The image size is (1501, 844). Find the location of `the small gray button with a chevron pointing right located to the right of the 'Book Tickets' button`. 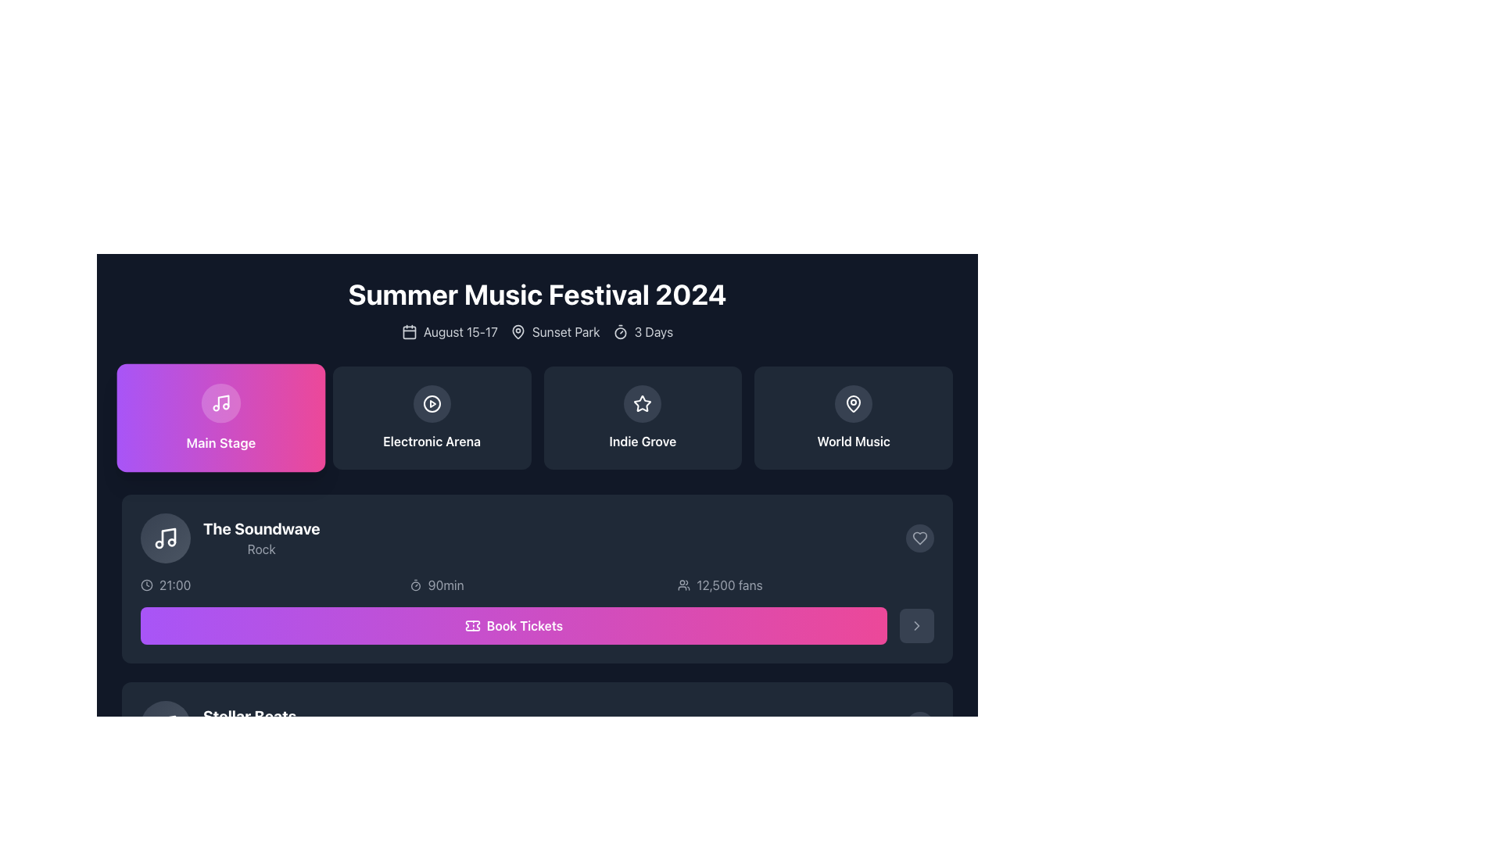

the small gray button with a chevron pointing right located to the right of the 'Book Tickets' button is located at coordinates (916, 625).